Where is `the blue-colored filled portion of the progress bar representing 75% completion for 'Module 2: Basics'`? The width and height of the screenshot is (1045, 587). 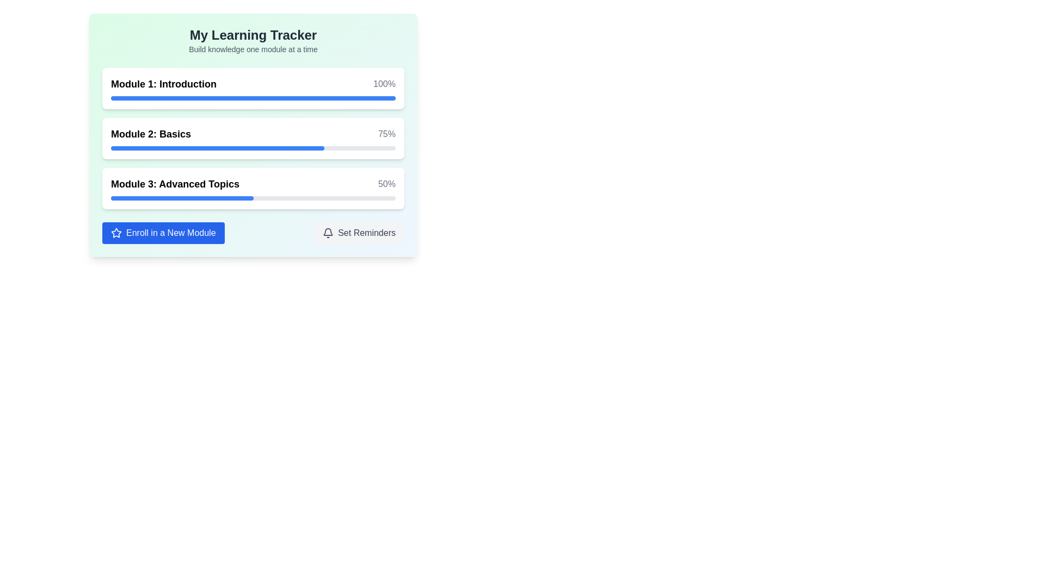 the blue-colored filled portion of the progress bar representing 75% completion for 'Module 2: Basics' is located at coordinates (218, 148).